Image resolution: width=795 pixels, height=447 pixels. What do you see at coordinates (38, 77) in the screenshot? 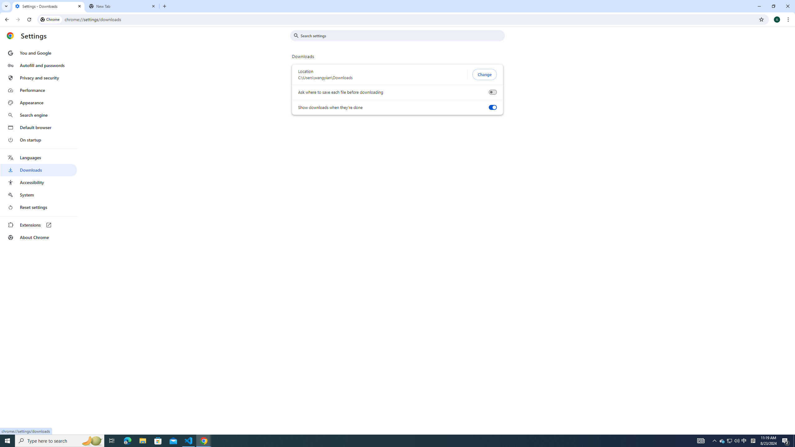
I see `'Privacy and security'` at bounding box center [38, 77].